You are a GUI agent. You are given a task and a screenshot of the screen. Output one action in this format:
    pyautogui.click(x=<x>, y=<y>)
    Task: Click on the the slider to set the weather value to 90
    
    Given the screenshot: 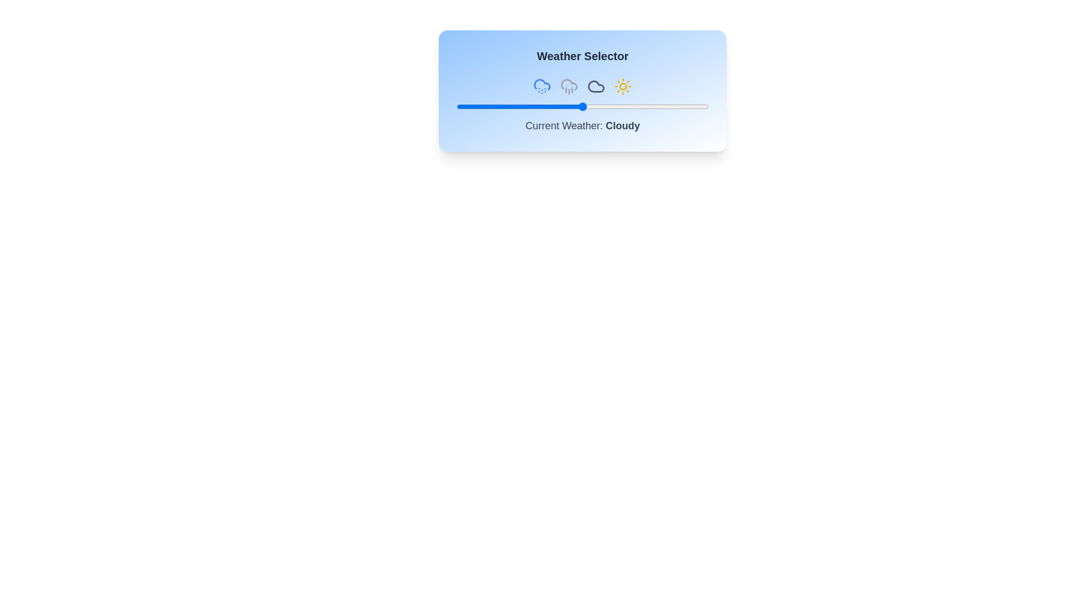 What is the action you would take?
    pyautogui.click(x=683, y=106)
    